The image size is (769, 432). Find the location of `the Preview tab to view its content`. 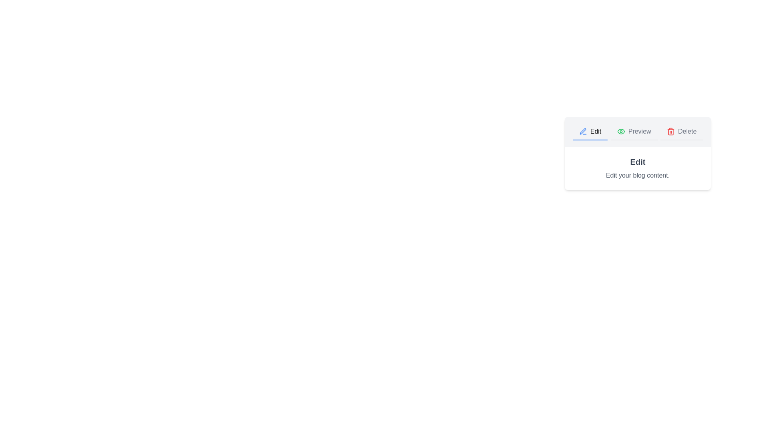

the Preview tab to view its content is located at coordinates (634, 132).